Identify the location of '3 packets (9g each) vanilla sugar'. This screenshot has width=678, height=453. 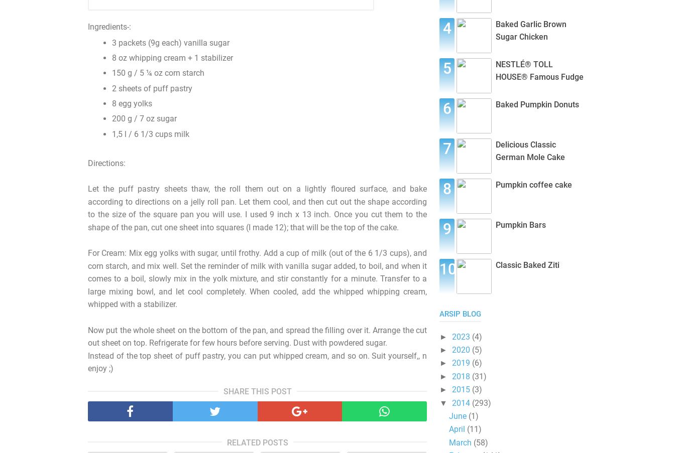
(112, 42).